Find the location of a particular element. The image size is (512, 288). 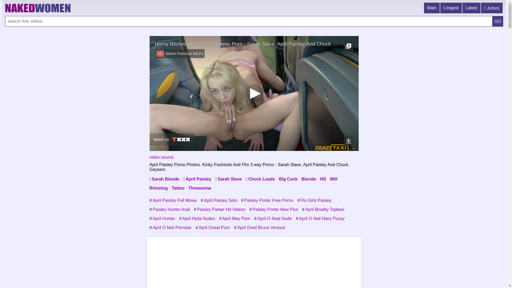

'Tattoo' is located at coordinates (178, 188).